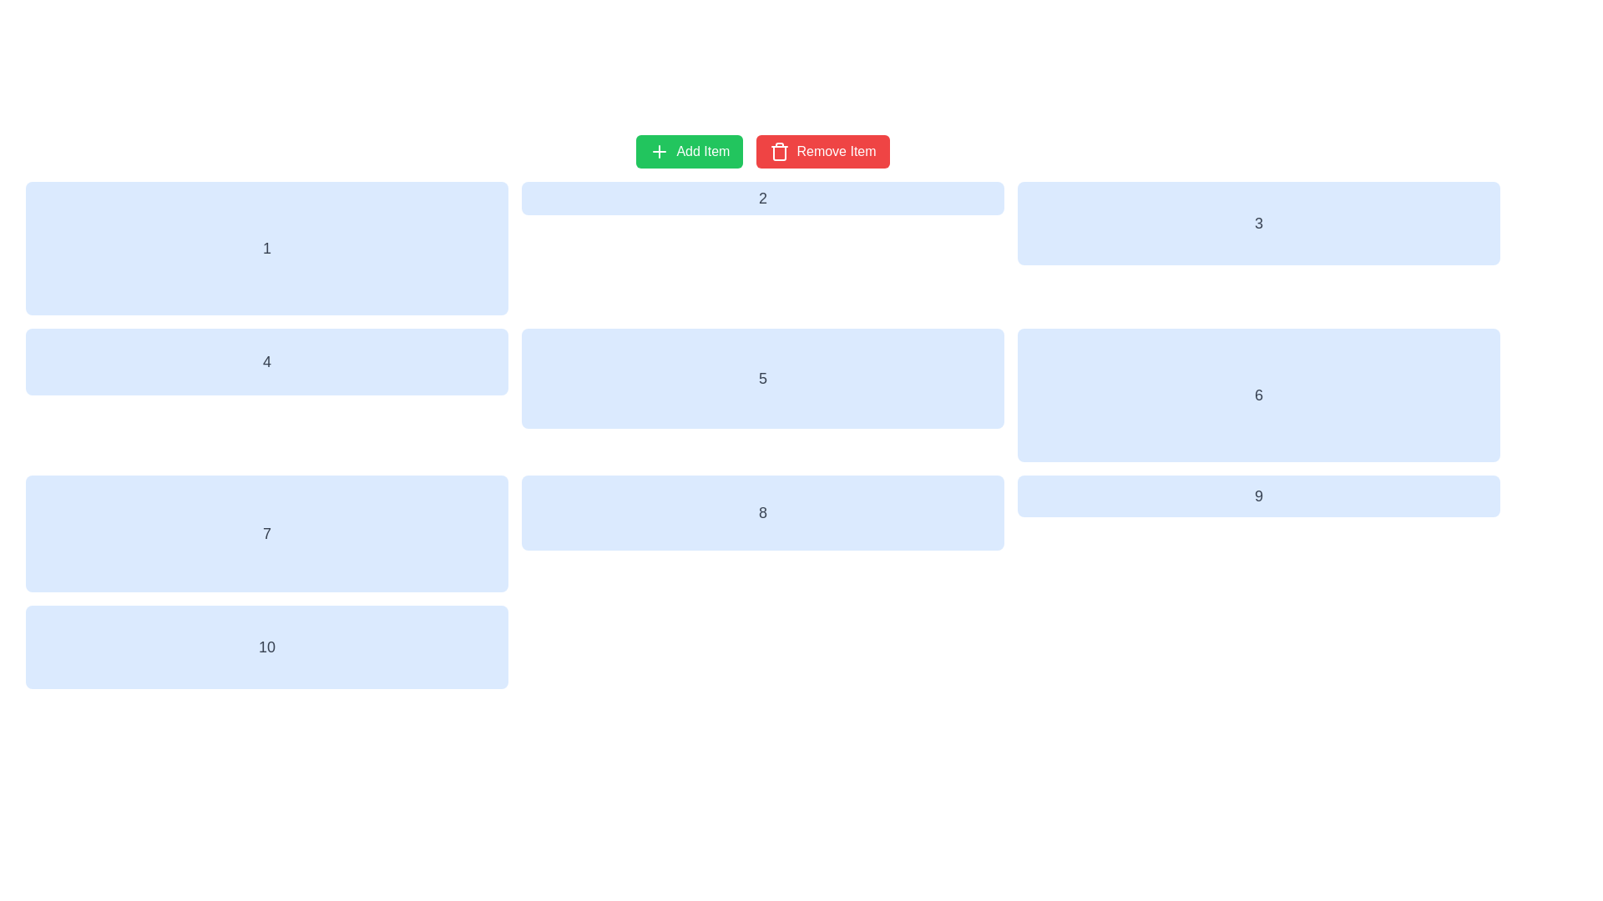 Image resolution: width=1603 pixels, height=901 pixels. Describe the element at coordinates (761, 379) in the screenshot. I see `the Display box with a light blue background displaying the text '5' in gray, which is the fifth item in an even grid layout` at that location.